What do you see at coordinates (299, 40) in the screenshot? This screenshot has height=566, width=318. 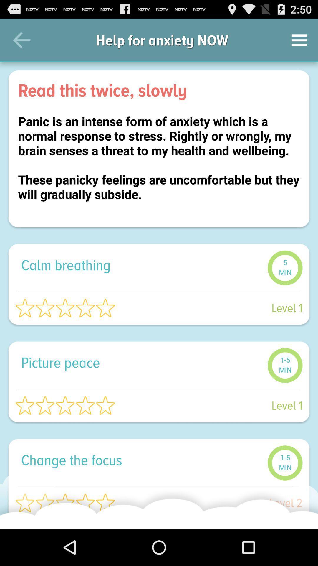 I see `icon next to the help for anxiety item` at bounding box center [299, 40].